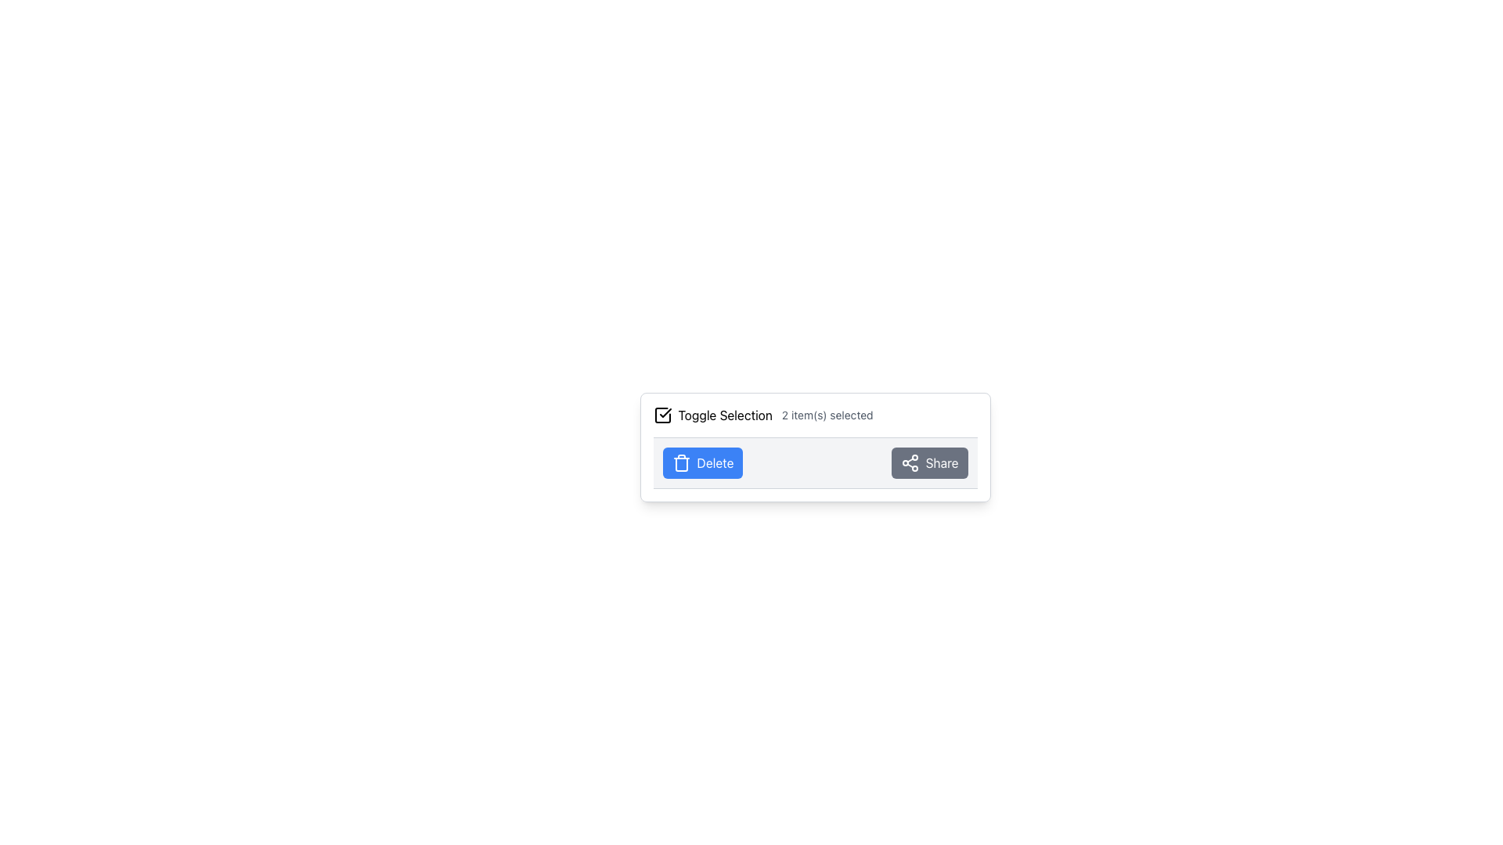 The height and width of the screenshot is (845, 1503). Describe the element at coordinates (665, 412) in the screenshot. I see `the state of the checkmark icon within the square frame located in the top-left corner of the pop-up action card` at that location.